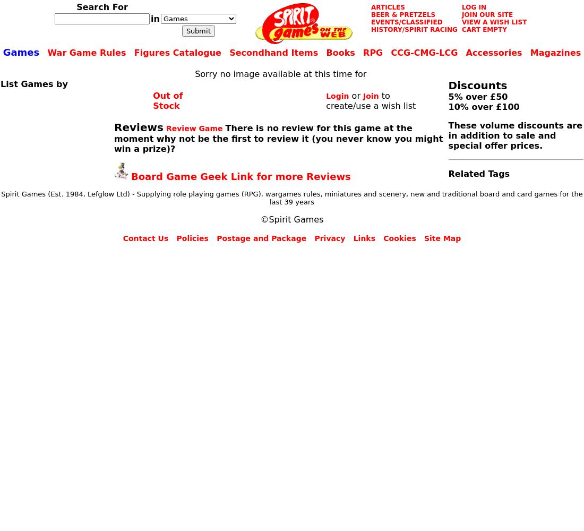 The height and width of the screenshot is (531, 584). I want to click on 'VIEW A WISH LIST', so click(494, 22).